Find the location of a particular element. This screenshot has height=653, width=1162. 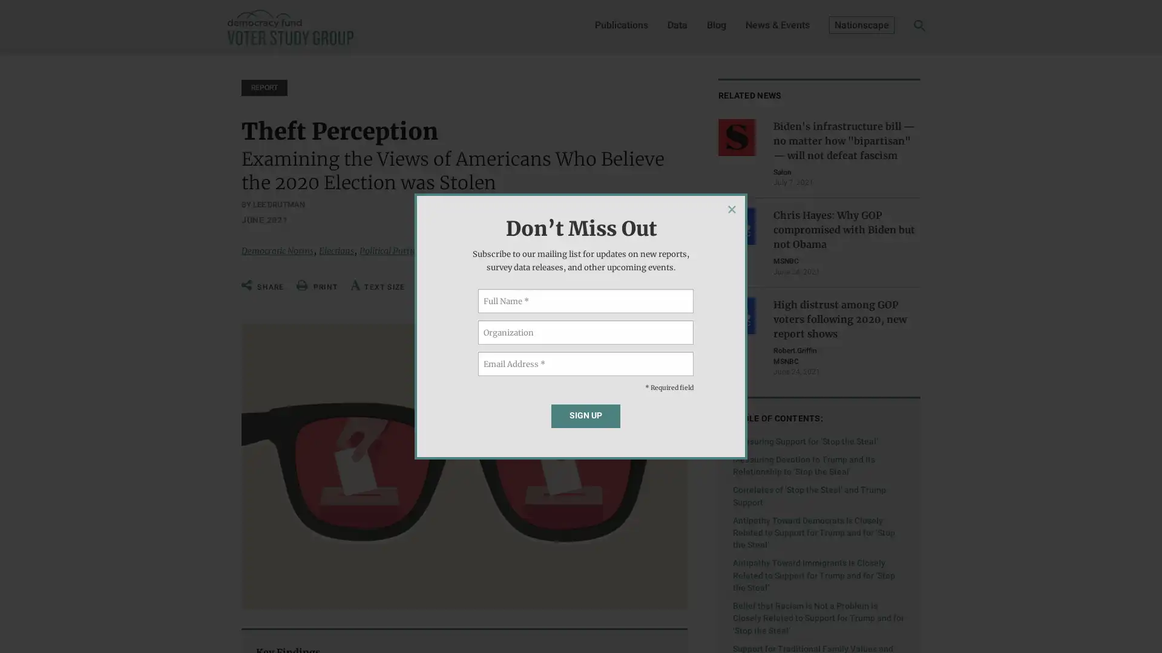

SEARCH is located at coordinates (901, 28).